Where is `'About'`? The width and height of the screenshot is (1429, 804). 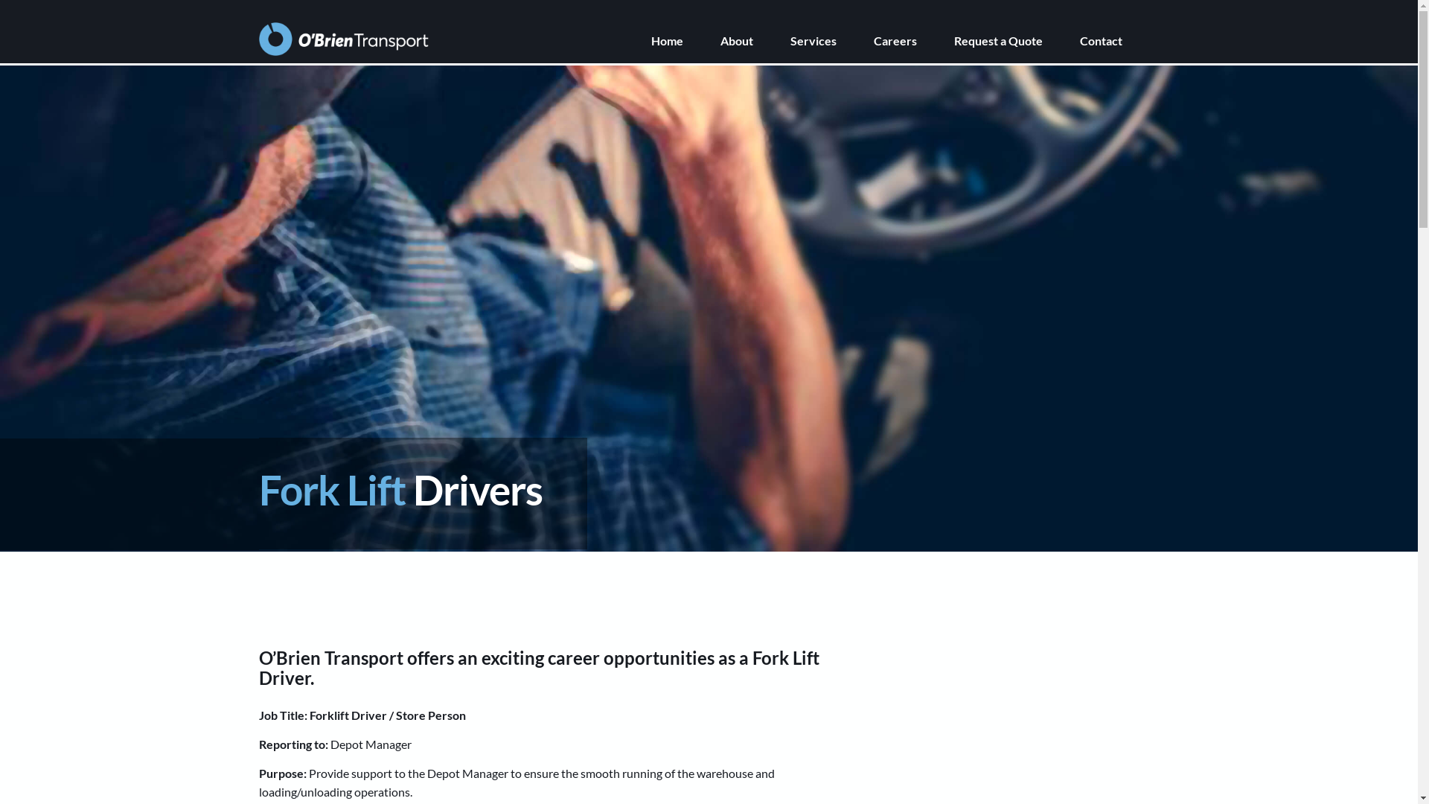 'About' is located at coordinates (755, 39).